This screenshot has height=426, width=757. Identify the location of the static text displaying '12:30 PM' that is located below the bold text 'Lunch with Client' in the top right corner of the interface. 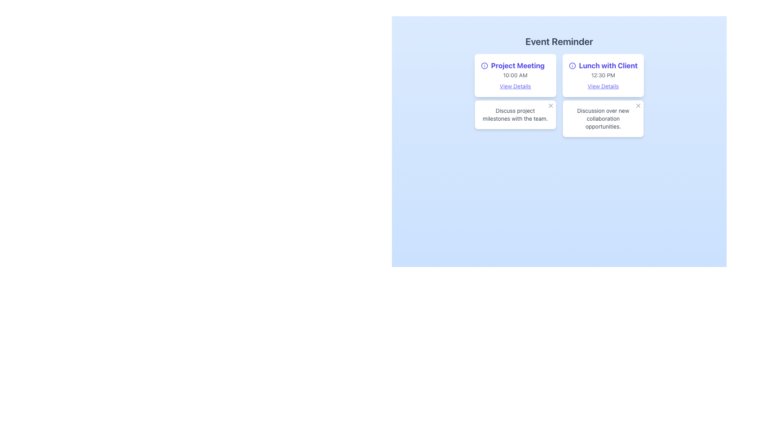
(603, 75).